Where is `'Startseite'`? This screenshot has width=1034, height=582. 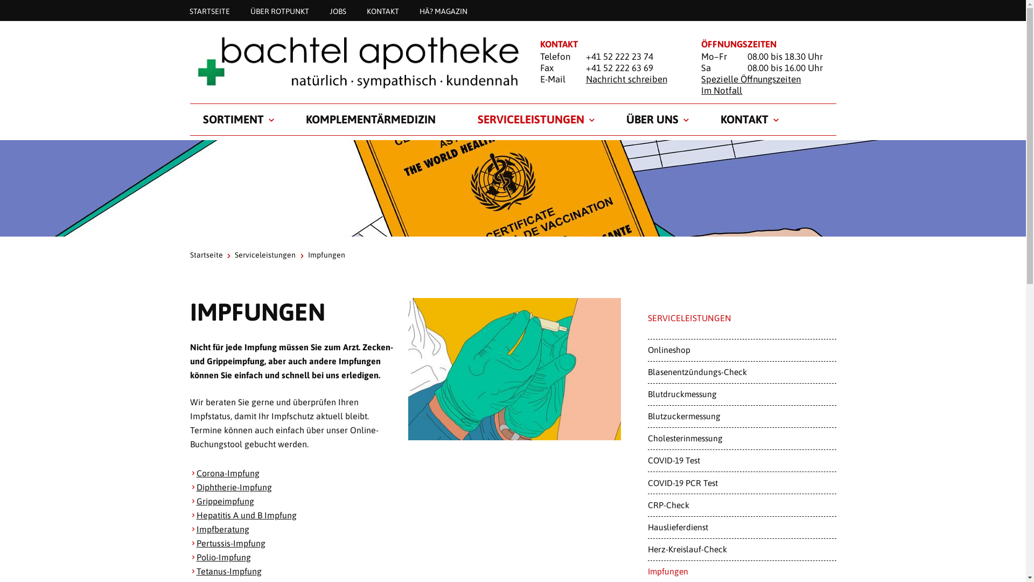
'Startseite' is located at coordinates (351, 63).